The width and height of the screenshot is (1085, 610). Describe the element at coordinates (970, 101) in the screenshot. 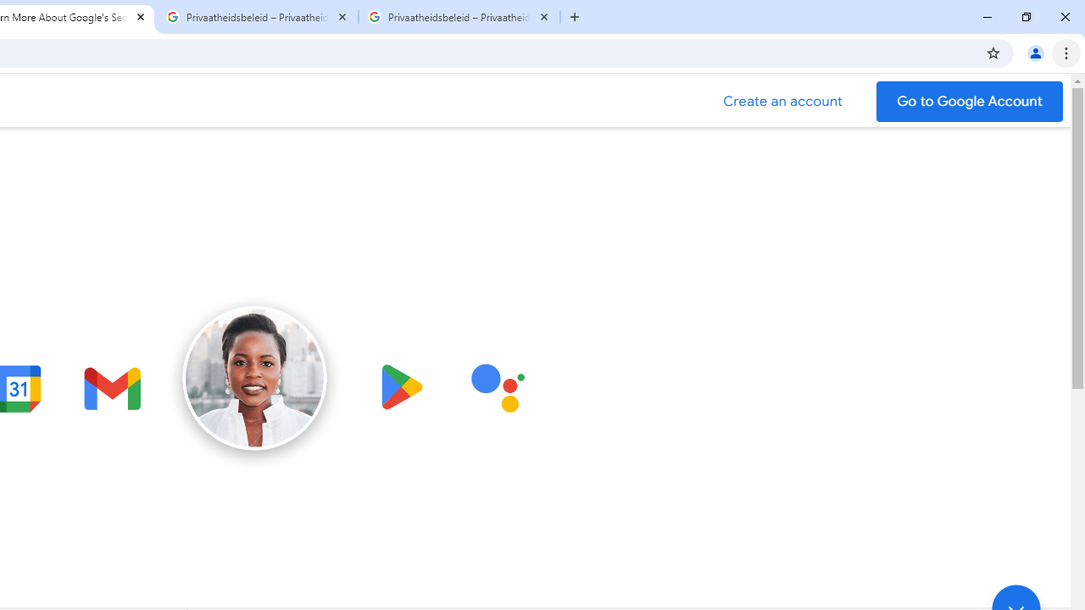

I see `'Go to your Google Account'` at that location.